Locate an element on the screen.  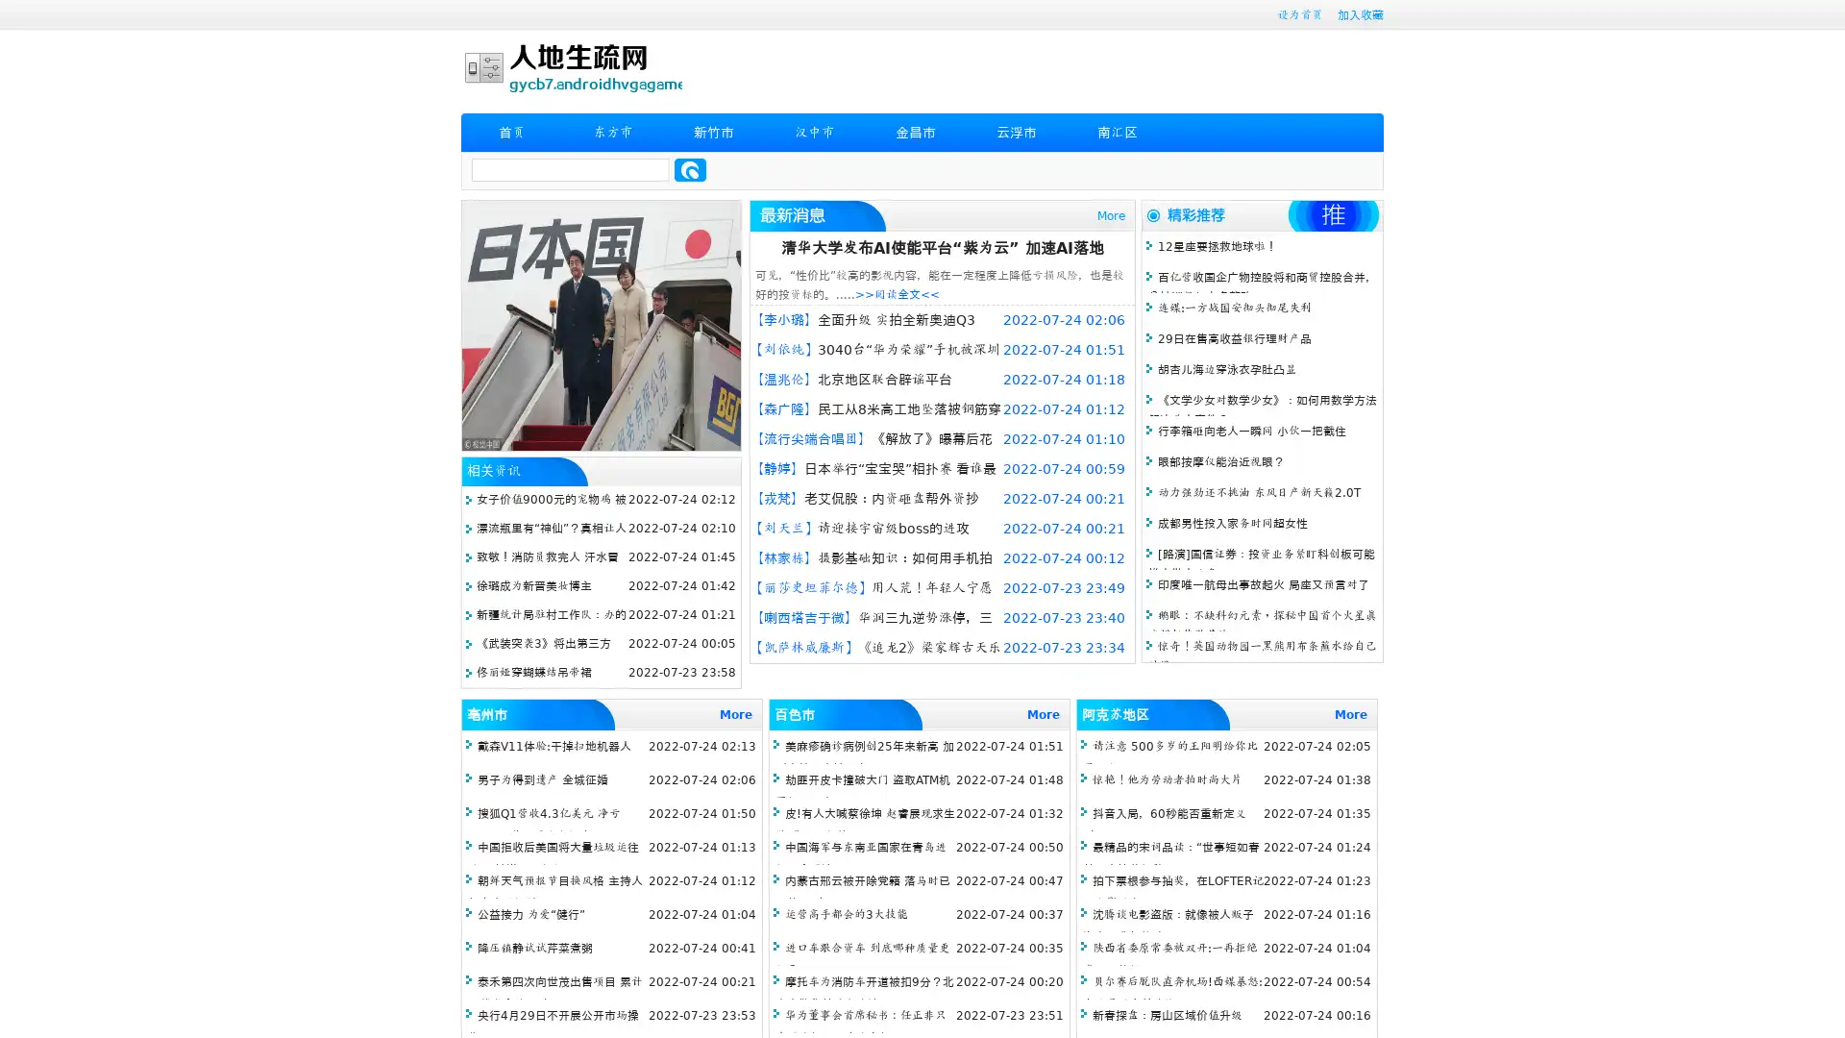
Search is located at coordinates (690, 169).